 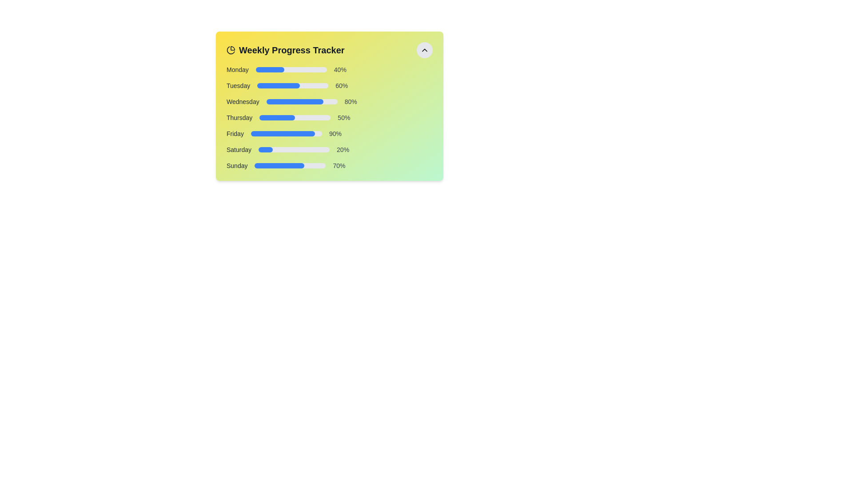 What do you see at coordinates (329, 69) in the screenshot?
I see `progress percentage from the Progress bar component labeled 'Monday', which shows 40% completion` at bounding box center [329, 69].